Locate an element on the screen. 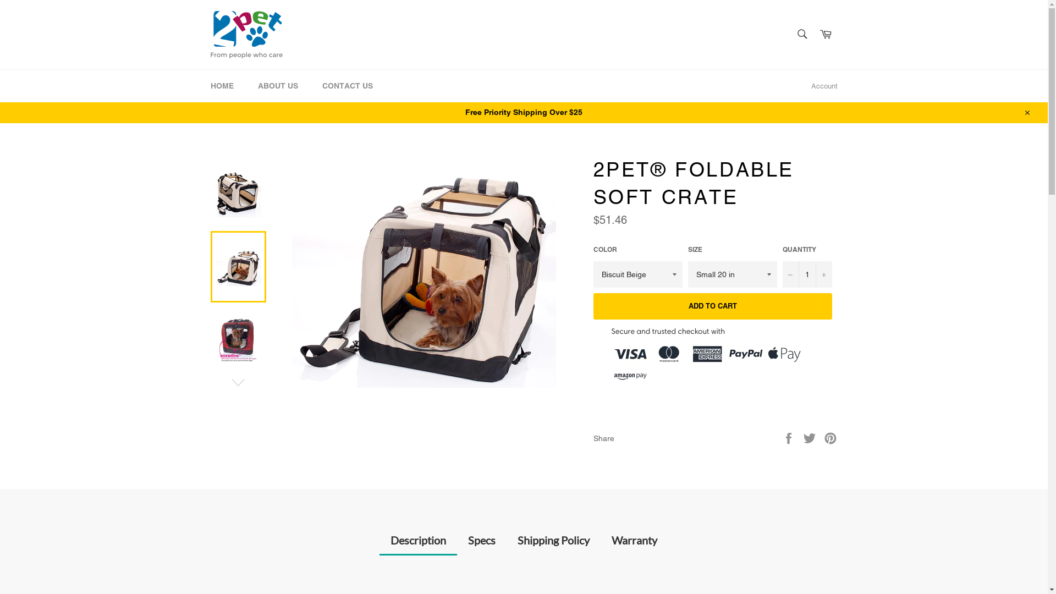 The width and height of the screenshot is (1056, 594). 'HOME' is located at coordinates (221, 85).